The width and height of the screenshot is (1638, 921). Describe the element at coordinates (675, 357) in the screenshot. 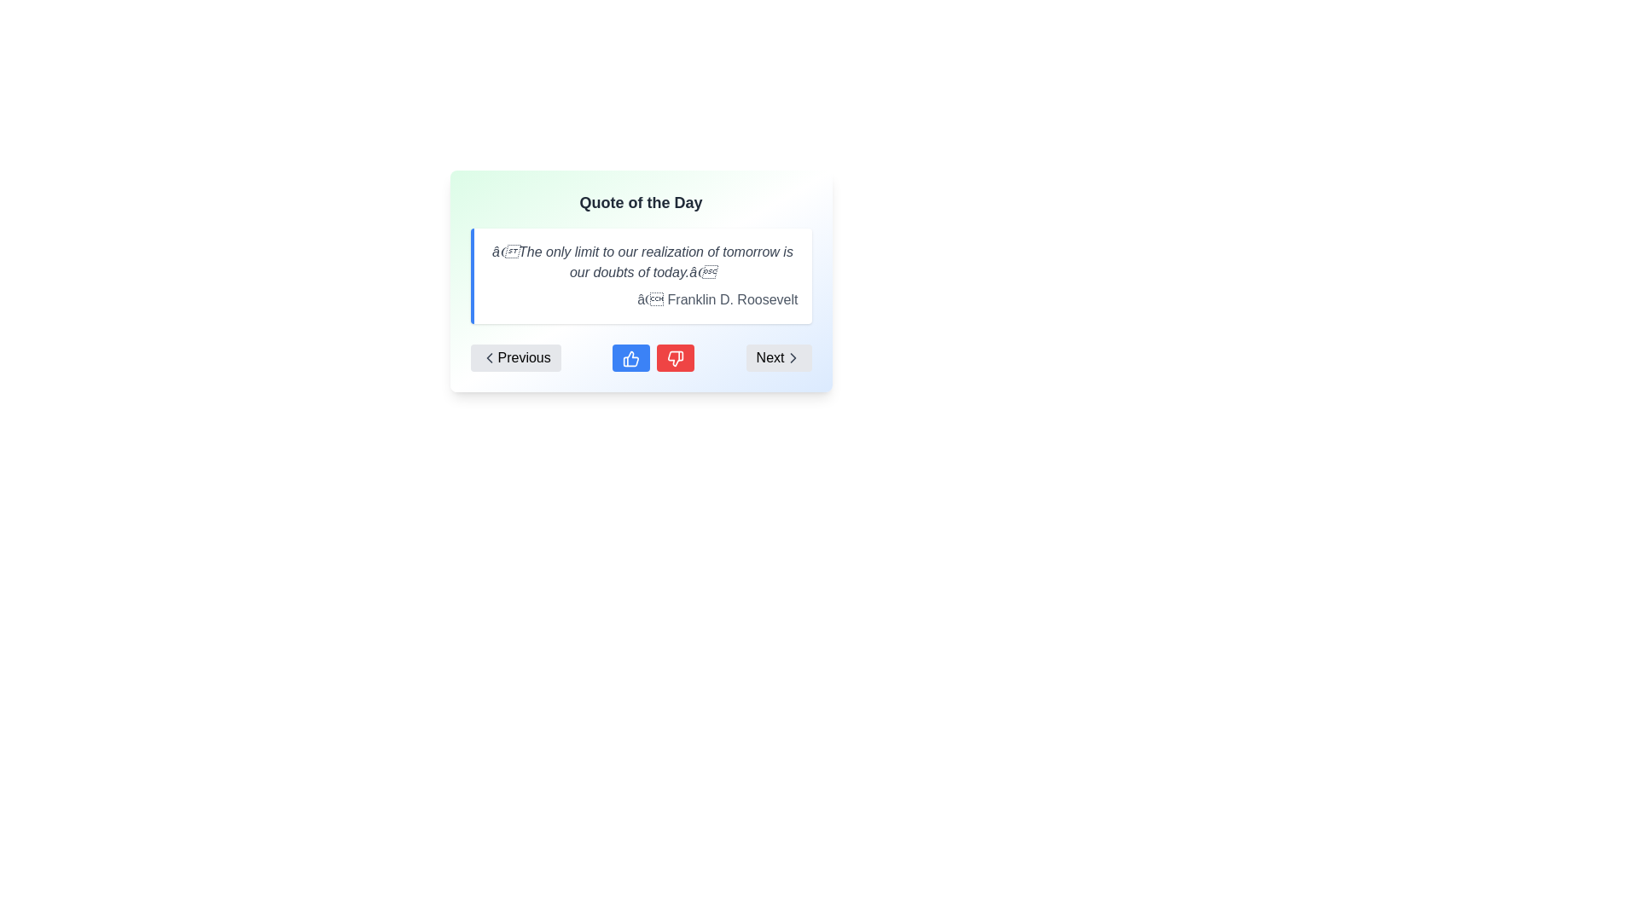

I see `the small red circular Feedback Button with a thumbs-down icon located below the 'Quote of the Day' to provide negative feedback` at that location.